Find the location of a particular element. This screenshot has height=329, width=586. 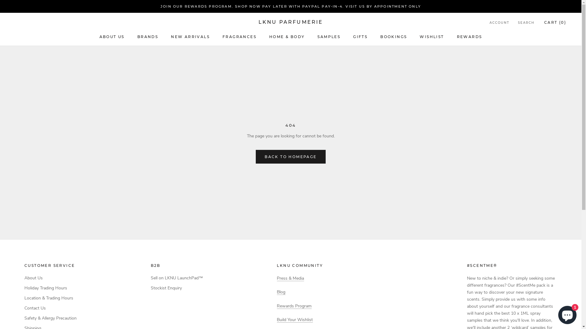

'NEW ARRIVALS is located at coordinates (190, 37).